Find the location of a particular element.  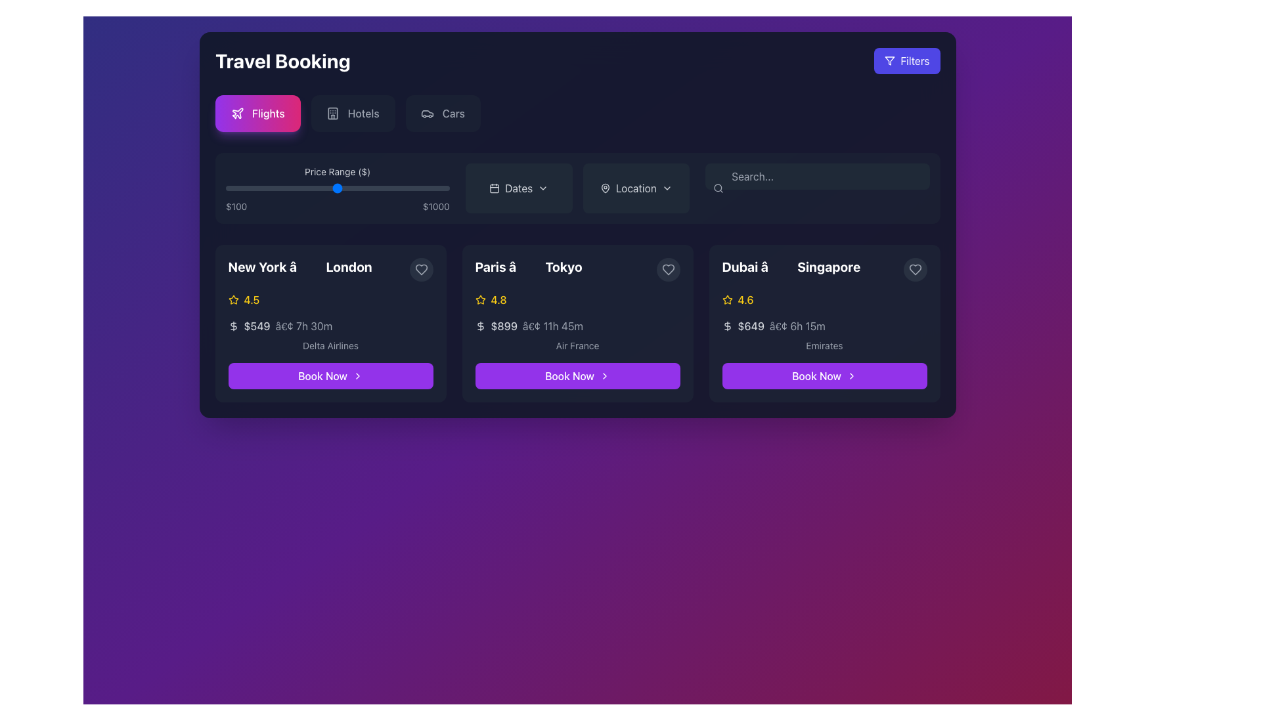

the static text label displaying the airline associated with the first flight option, located beneath the flight price and duration details, and above the 'Book Now' button is located at coordinates (330, 345).